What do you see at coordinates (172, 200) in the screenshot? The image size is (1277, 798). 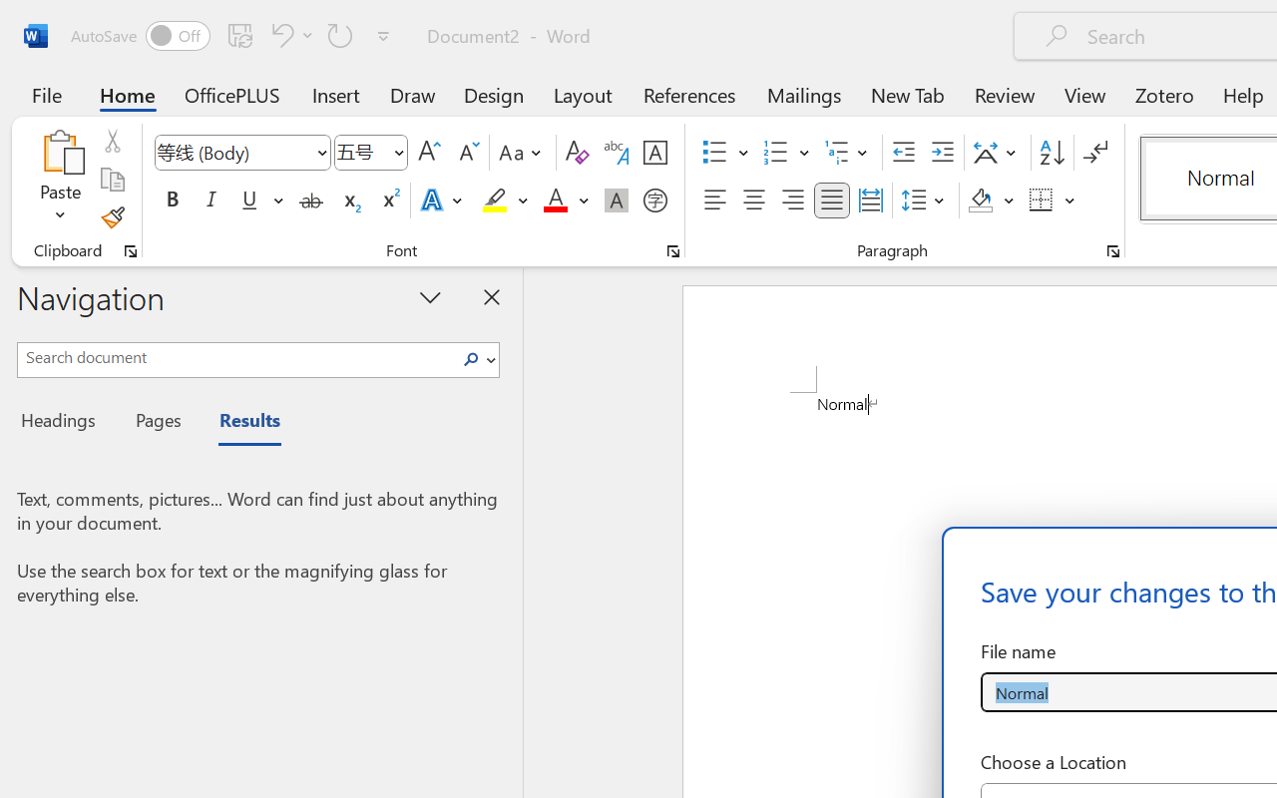 I see `'Bold'` at bounding box center [172, 200].